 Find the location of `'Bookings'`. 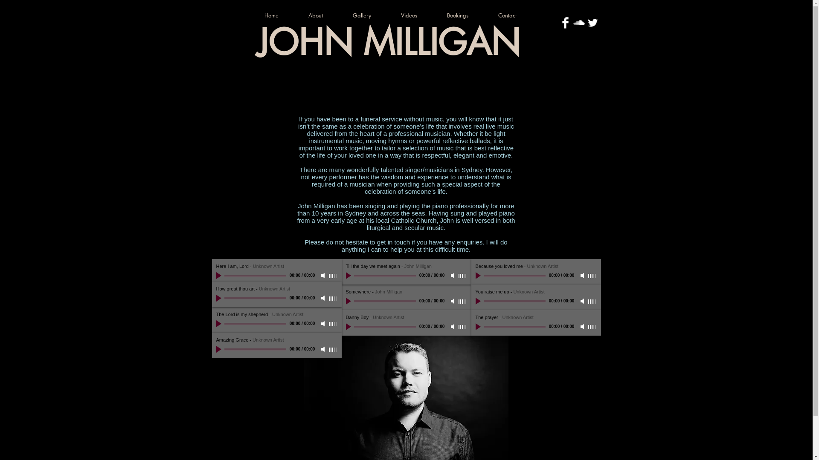

'Bookings' is located at coordinates (464, 15).